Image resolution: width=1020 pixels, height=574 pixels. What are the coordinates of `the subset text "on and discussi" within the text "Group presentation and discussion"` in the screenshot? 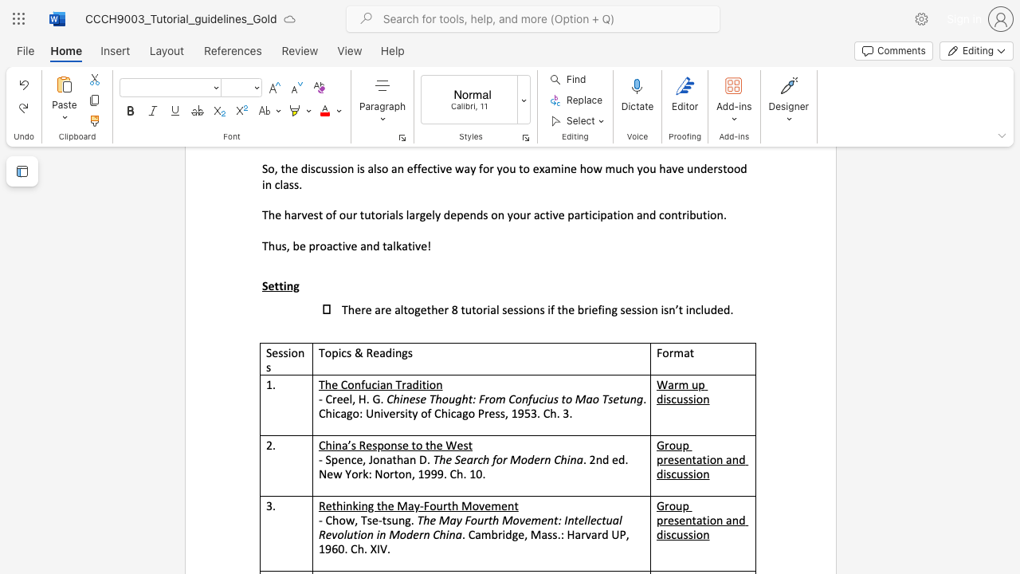 It's located at (708, 459).